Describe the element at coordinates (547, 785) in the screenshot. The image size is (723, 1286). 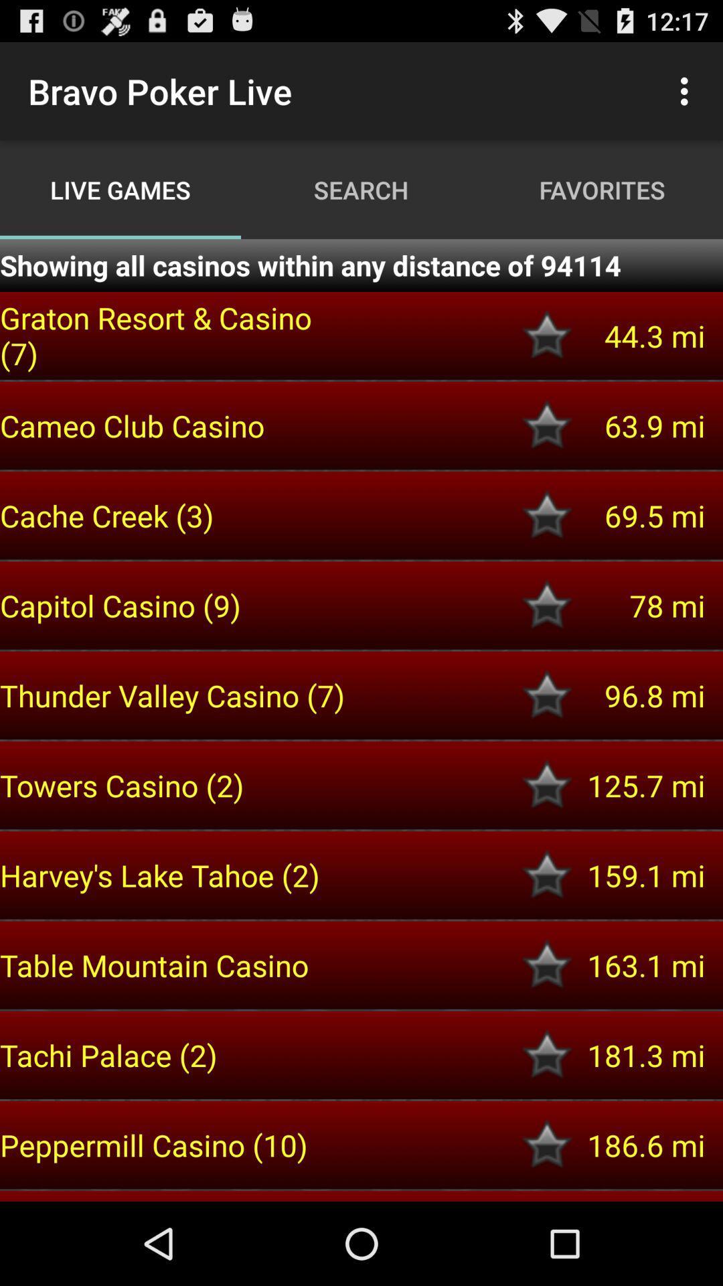
I see `like button` at that location.